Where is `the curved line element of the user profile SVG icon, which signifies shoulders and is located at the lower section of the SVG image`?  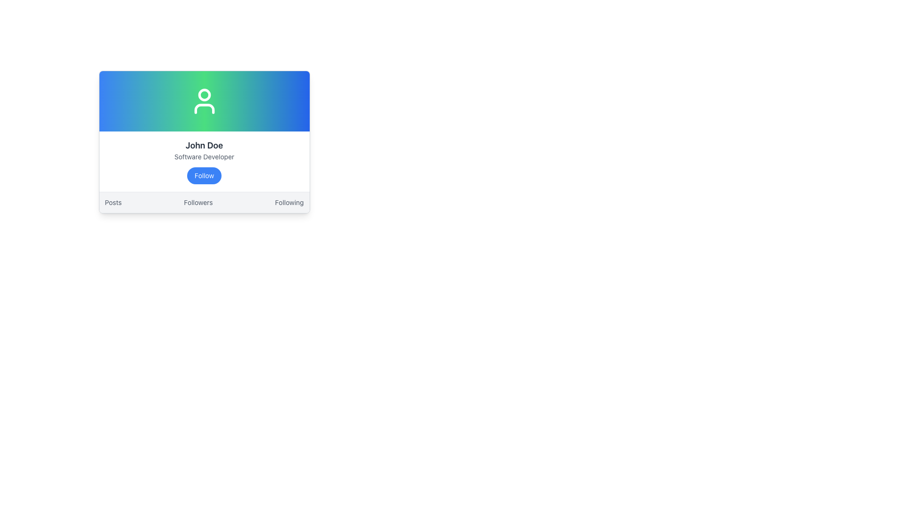
the curved line element of the user profile SVG icon, which signifies shoulders and is located at the lower section of the SVG image is located at coordinates (204, 108).